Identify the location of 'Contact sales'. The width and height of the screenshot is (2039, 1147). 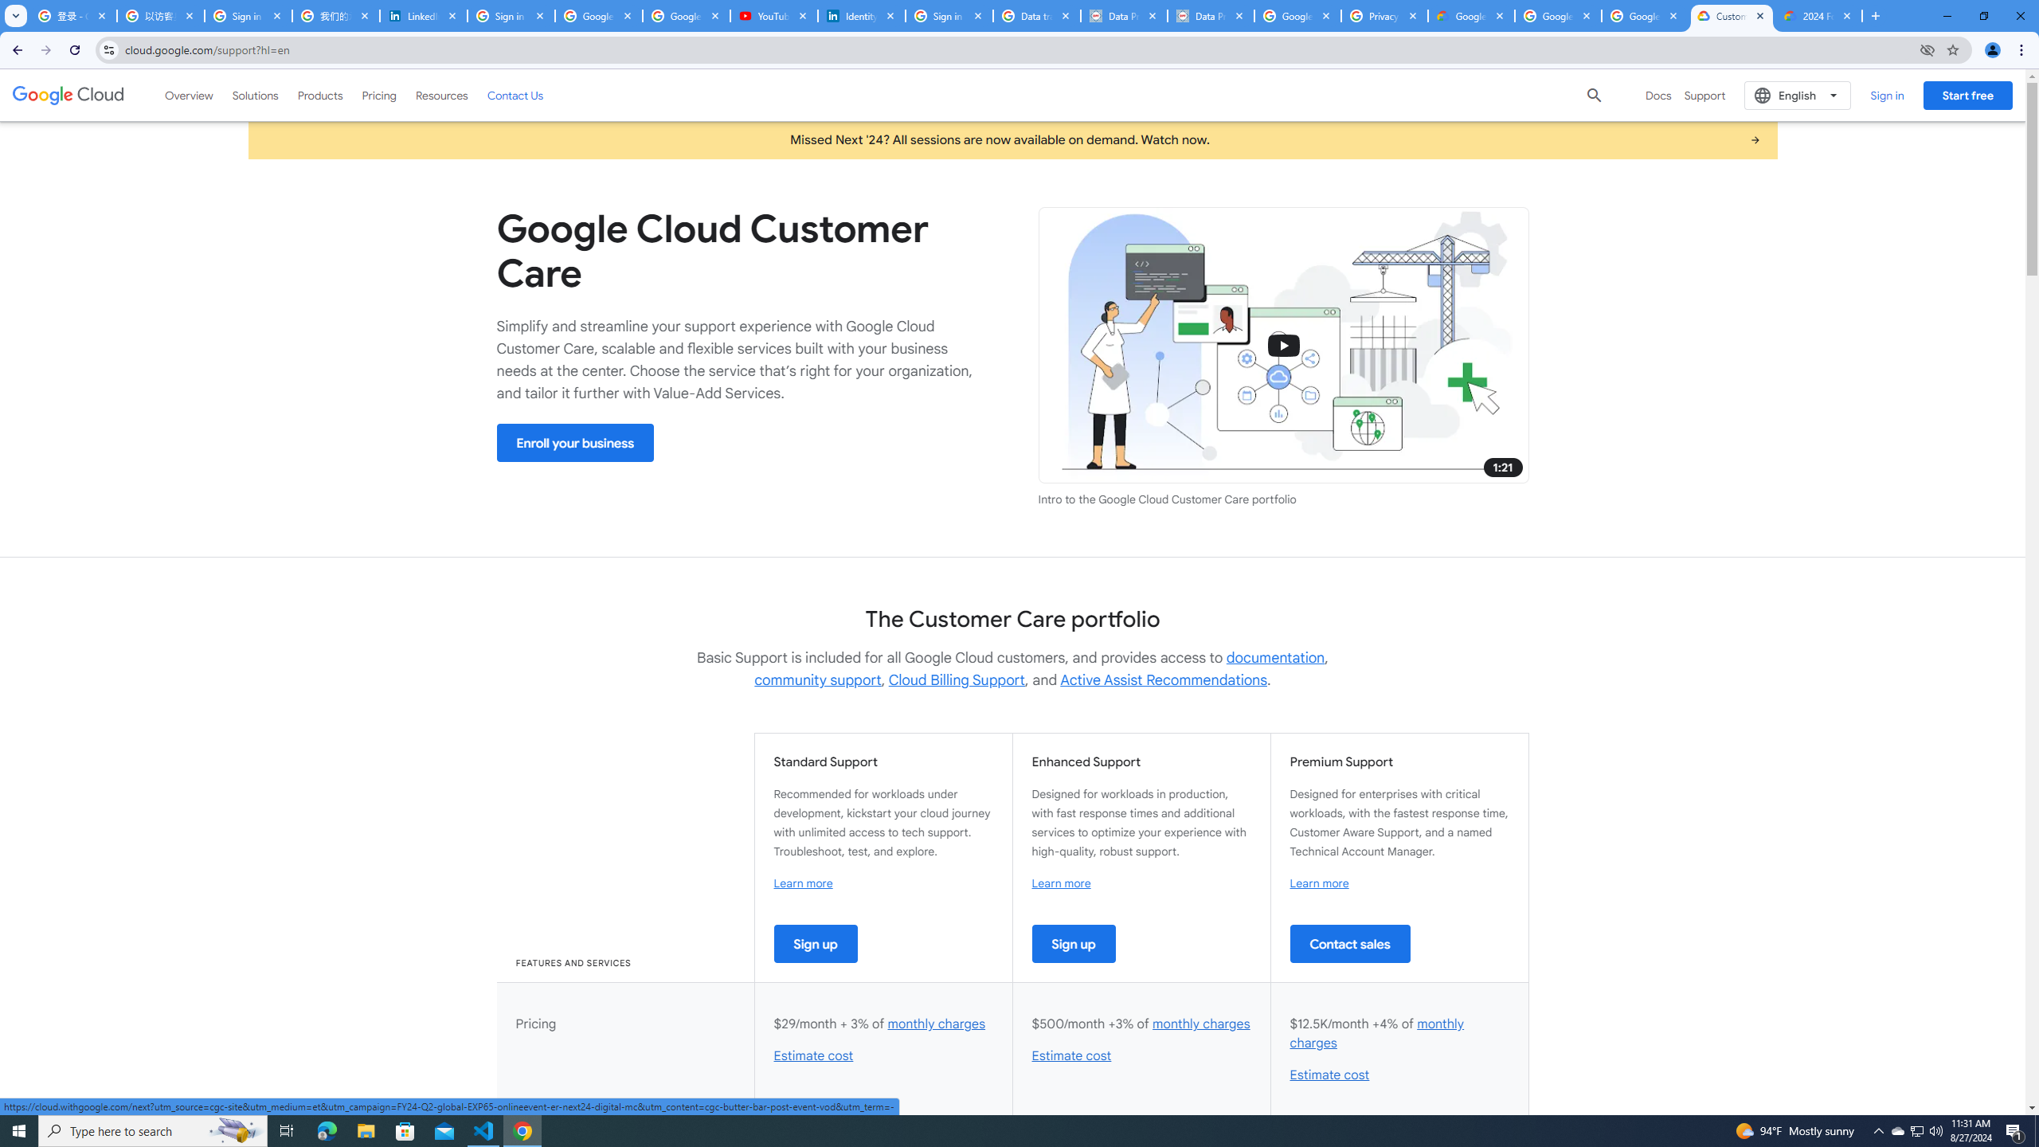
(1348, 943).